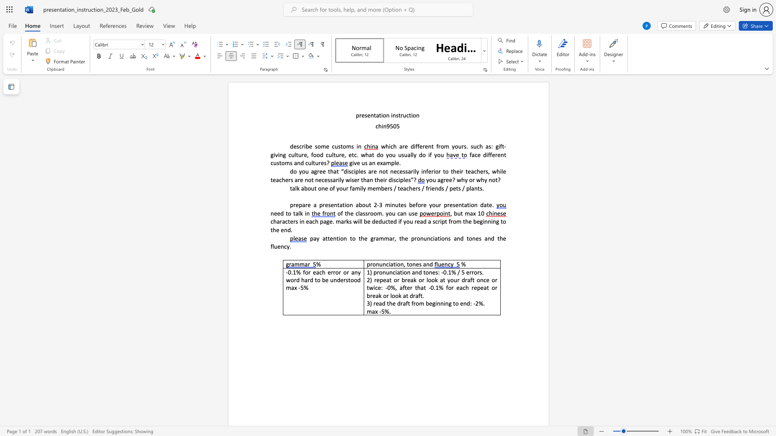  Describe the element at coordinates (458, 146) in the screenshot. I see `the subset text "urs." within the text "which are different from yours."` at that location.